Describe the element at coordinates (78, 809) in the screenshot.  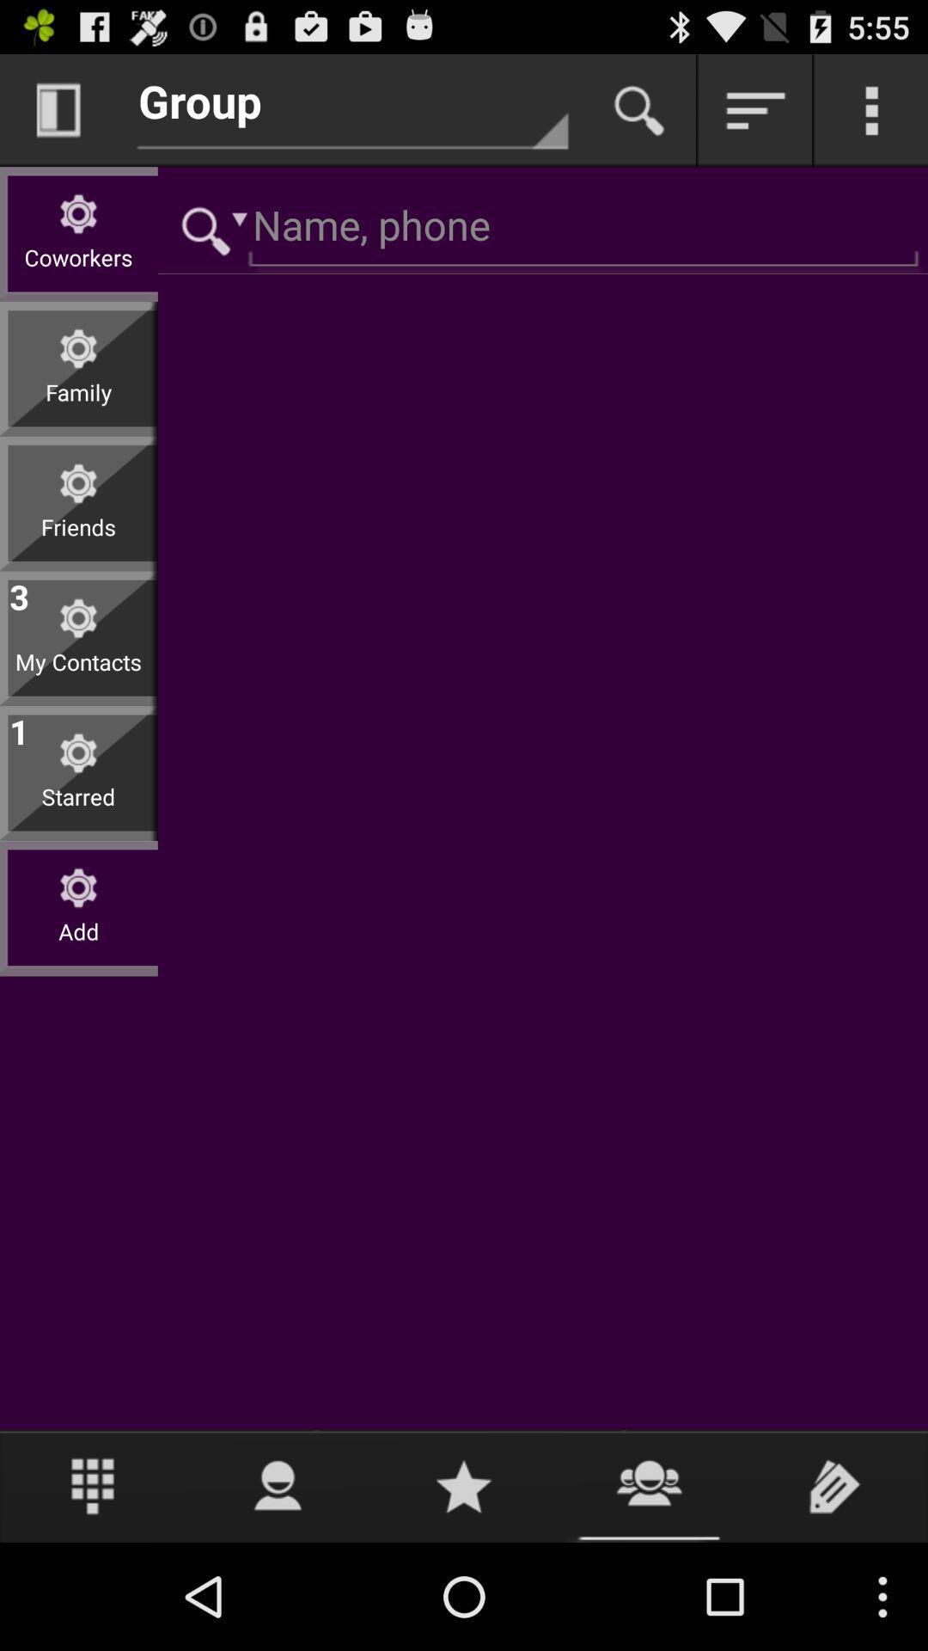
I see `starred` at that location.